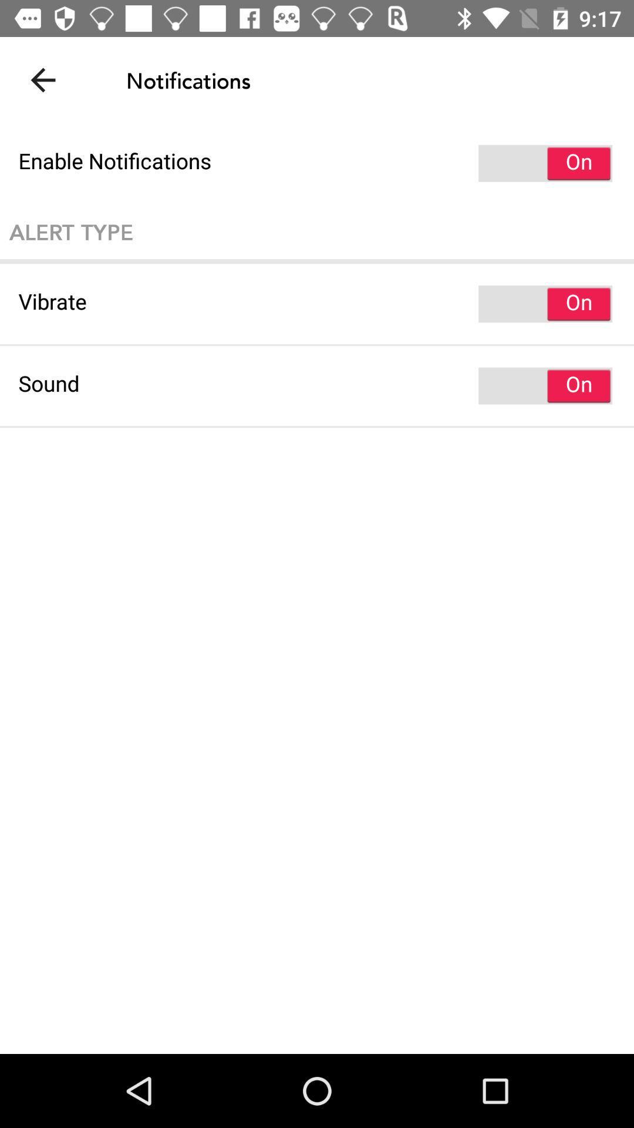 Image resolution: width=634 pixels, height=1128 pixels. Describe the element at coordinates (317, 386) in the screenshot. I see `sound item` at that location.